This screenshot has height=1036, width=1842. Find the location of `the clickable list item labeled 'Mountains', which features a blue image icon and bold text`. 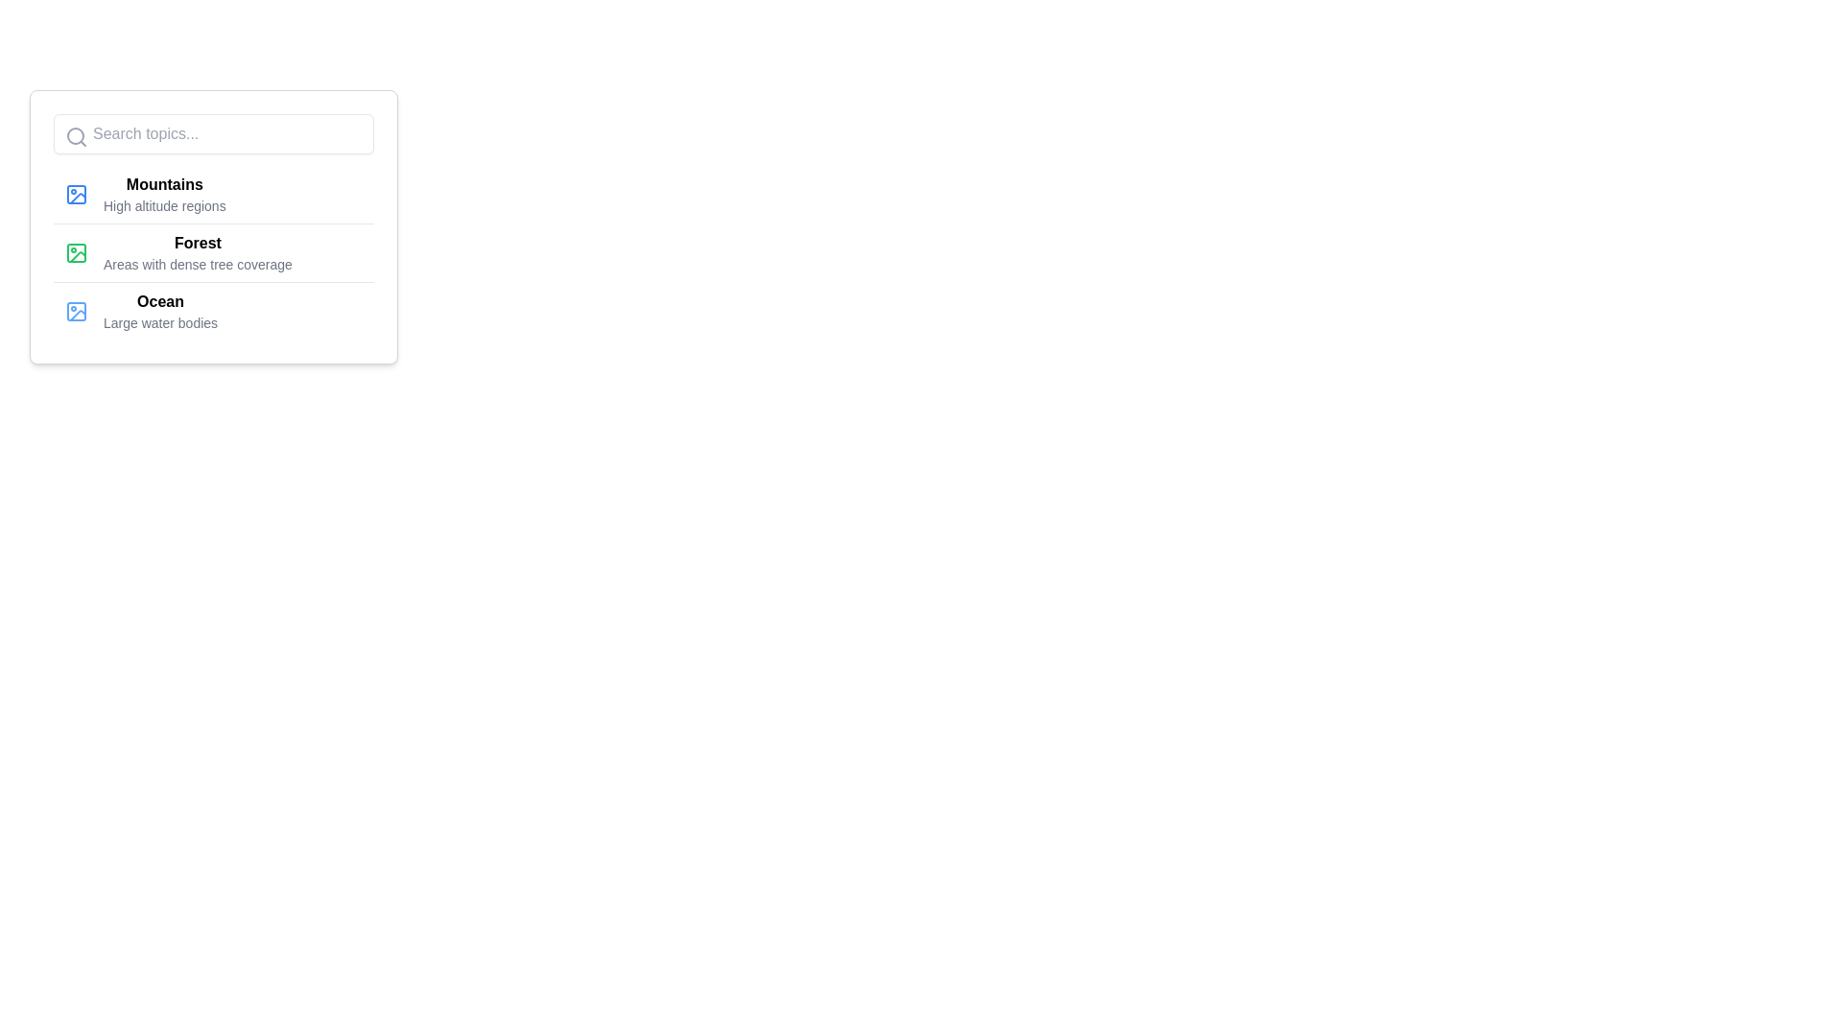

the clickable list item labeled 'Mountains', which features a blue image icon and bold text is located at coordinates (213, 195).